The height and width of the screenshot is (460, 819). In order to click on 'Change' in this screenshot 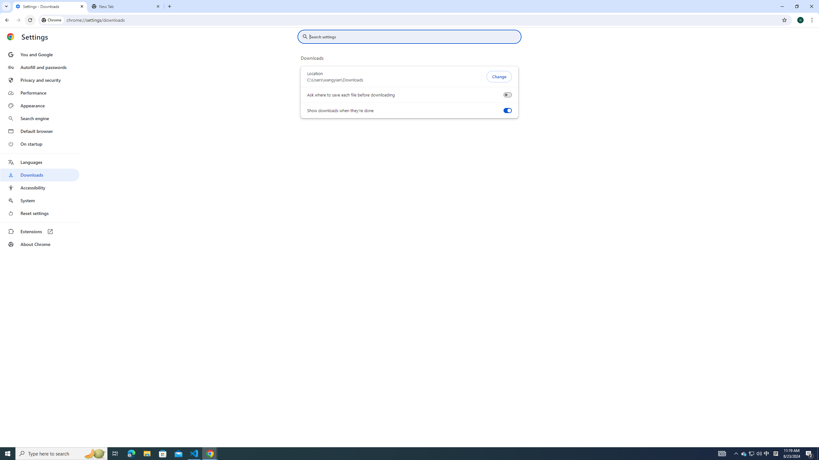, I will do `click(499, 77)`.